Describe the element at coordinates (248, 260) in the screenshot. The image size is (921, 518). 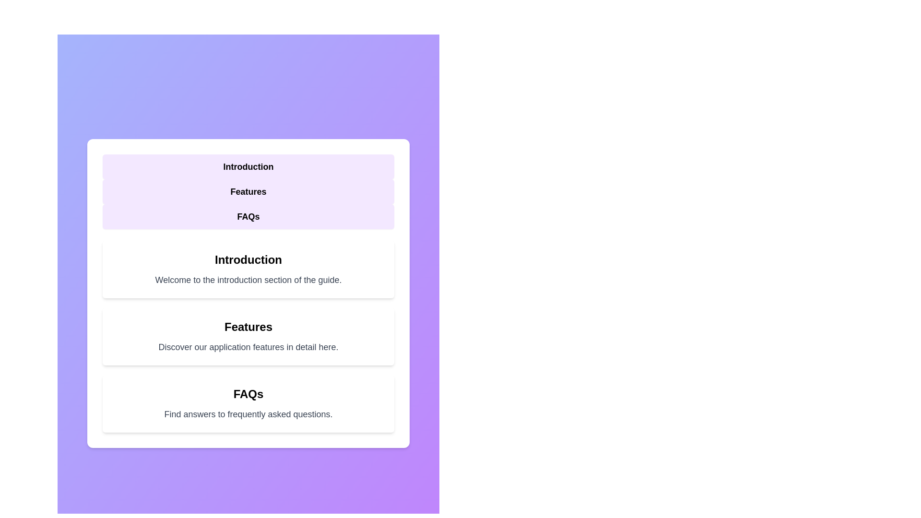
I see `the primary heading text label that indicates the content scope of its section, which is located above the descriptive text 'Welcome to the introduction section of the guide.'` at that location.